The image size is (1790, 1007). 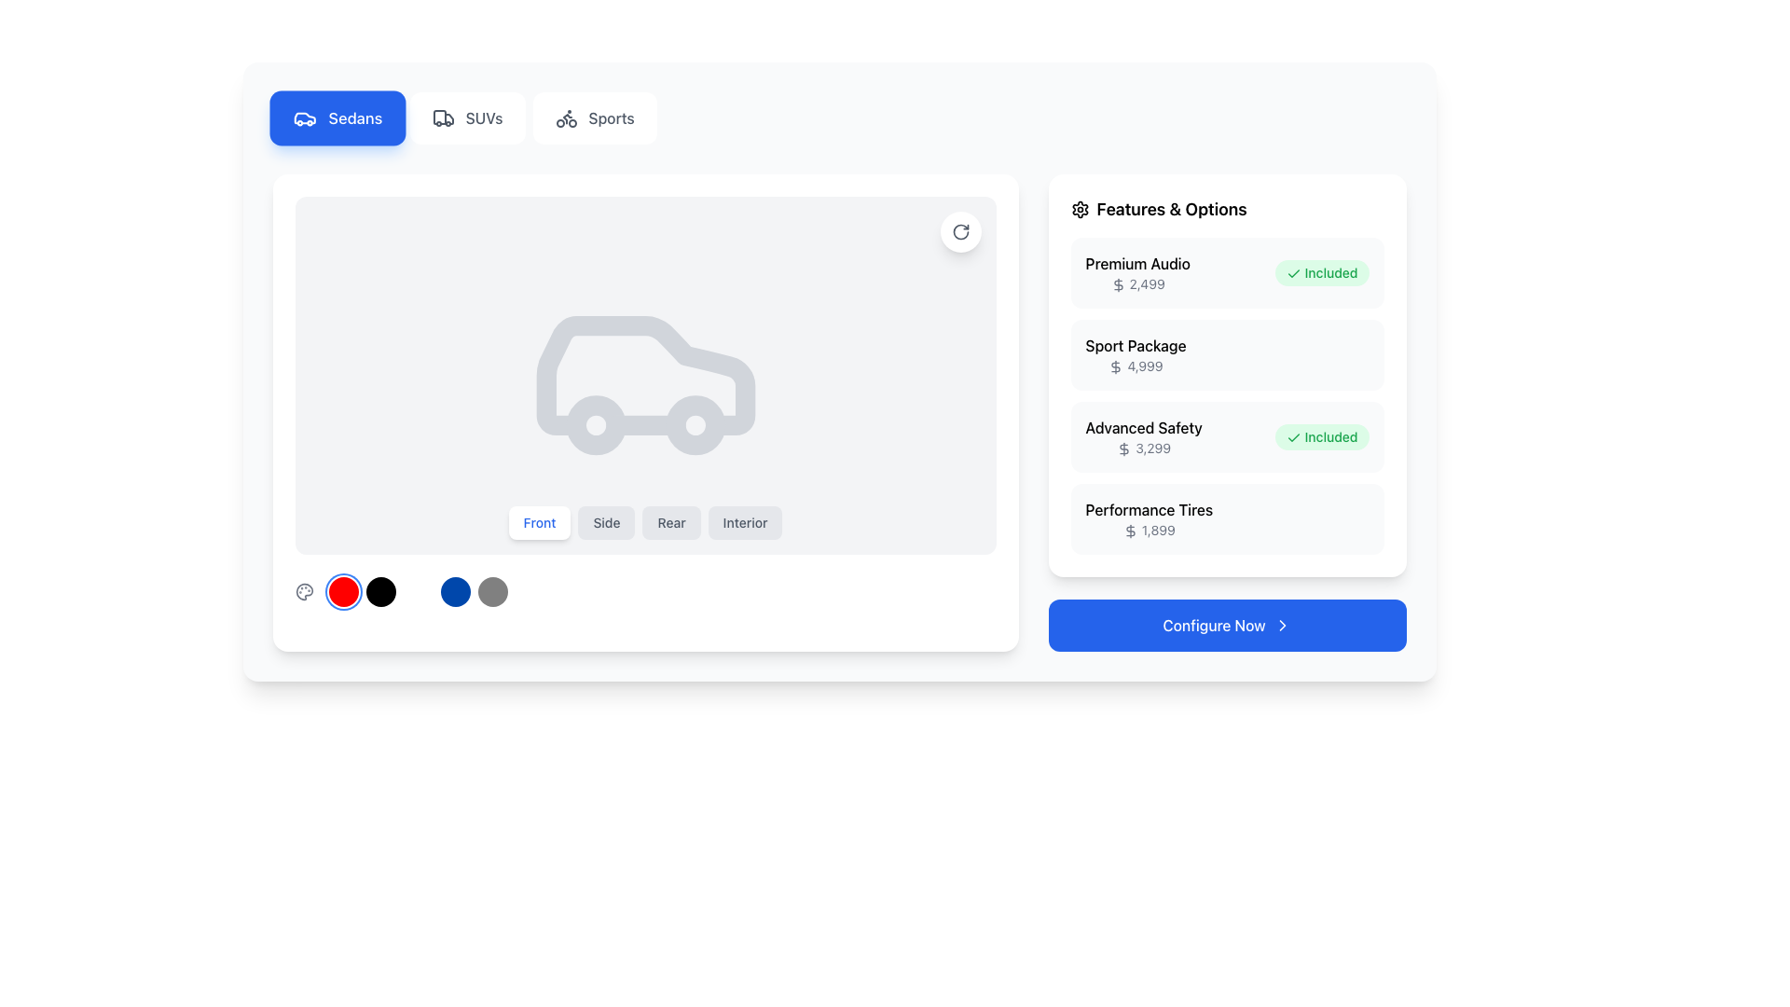 I want to click on the circular arrow icon located at the top-right corner of the image preview section, so click(x=960, y=231).